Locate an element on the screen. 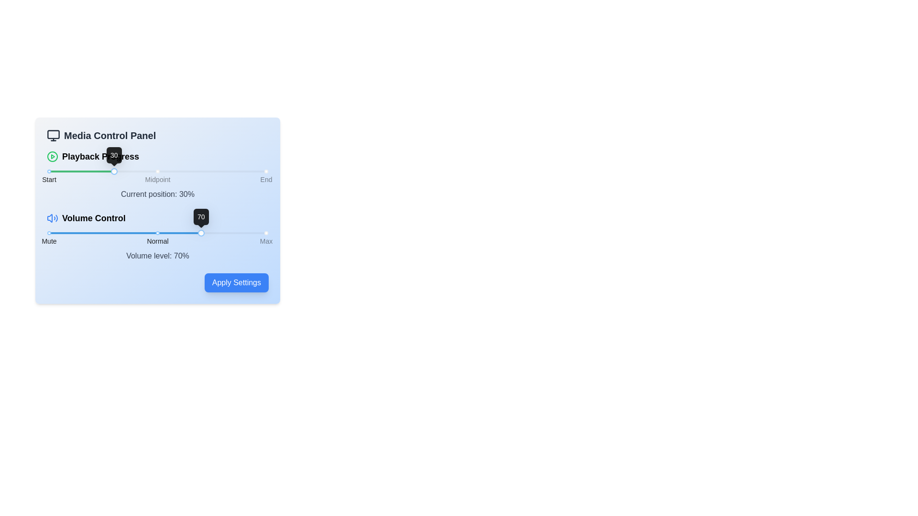  the circular play button icon with a green outline and triangular play symbol, located to the left of the 'Playback Progress' text in the playback control section is located at coordinates (52, 156).